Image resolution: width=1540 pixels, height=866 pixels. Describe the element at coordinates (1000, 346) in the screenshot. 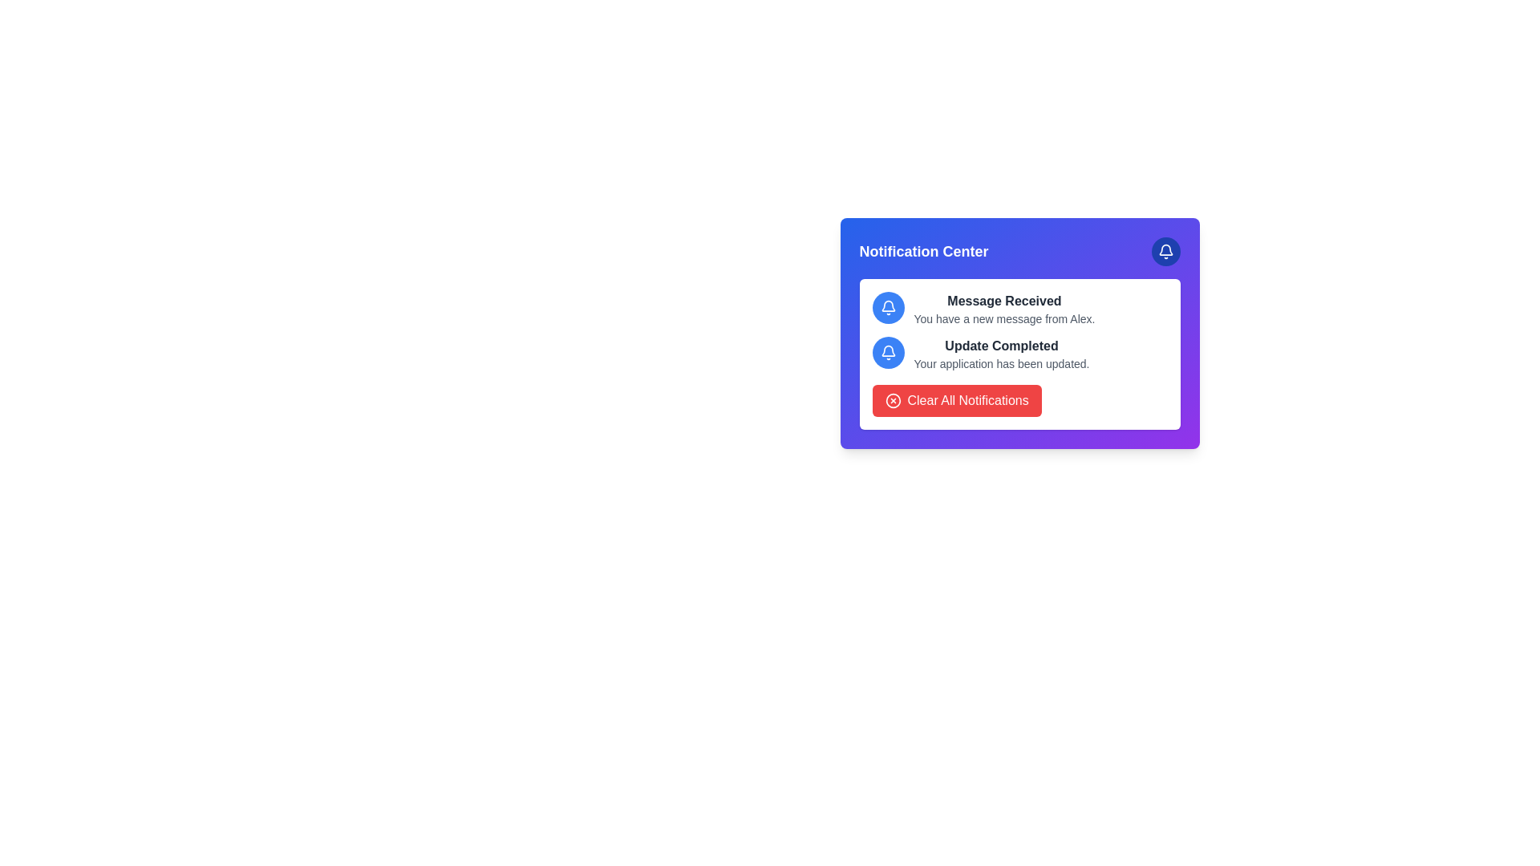

I see `text label indicating the successful completion of an application update, located centrally in the notification card` at that location.